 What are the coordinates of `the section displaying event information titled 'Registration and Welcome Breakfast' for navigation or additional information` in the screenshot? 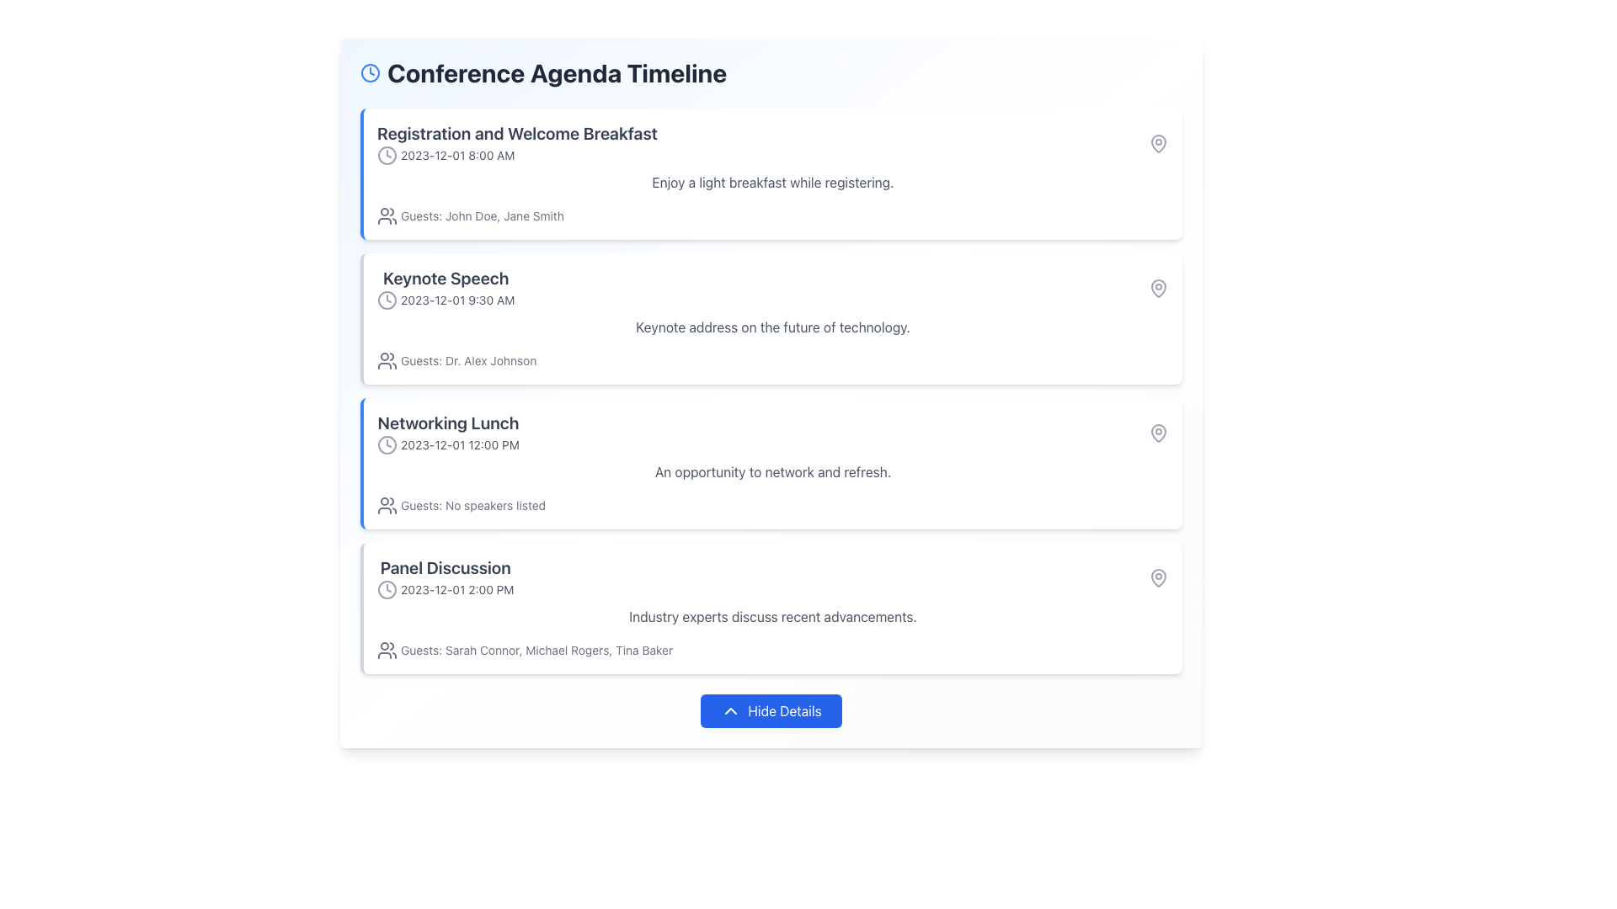 It's located at (771, 142).